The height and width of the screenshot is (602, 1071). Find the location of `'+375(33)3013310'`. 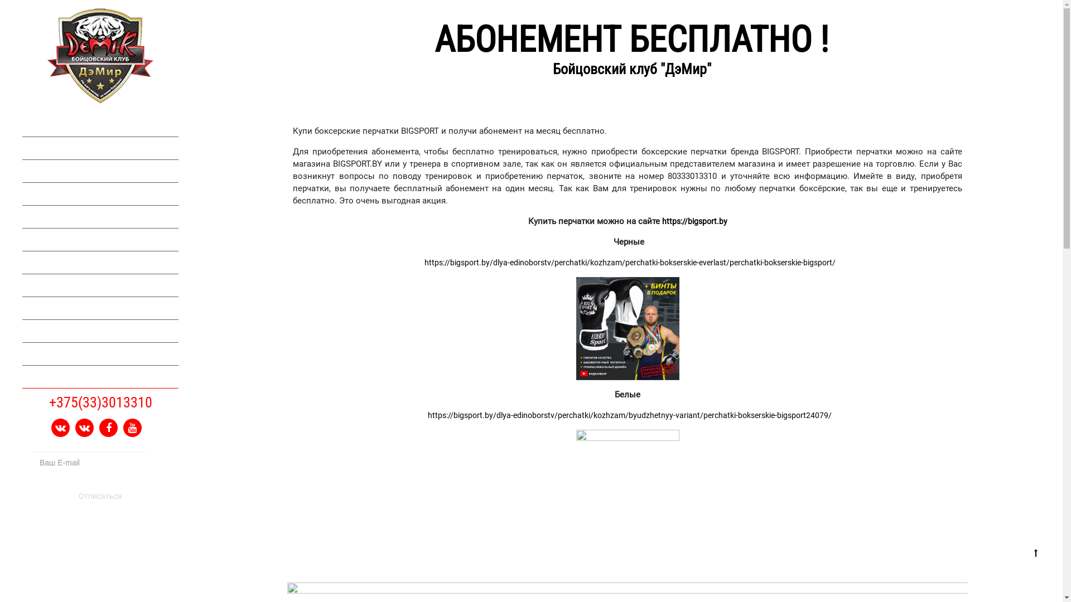

'+375(33)3013310' is located at coordinates (100, 402).